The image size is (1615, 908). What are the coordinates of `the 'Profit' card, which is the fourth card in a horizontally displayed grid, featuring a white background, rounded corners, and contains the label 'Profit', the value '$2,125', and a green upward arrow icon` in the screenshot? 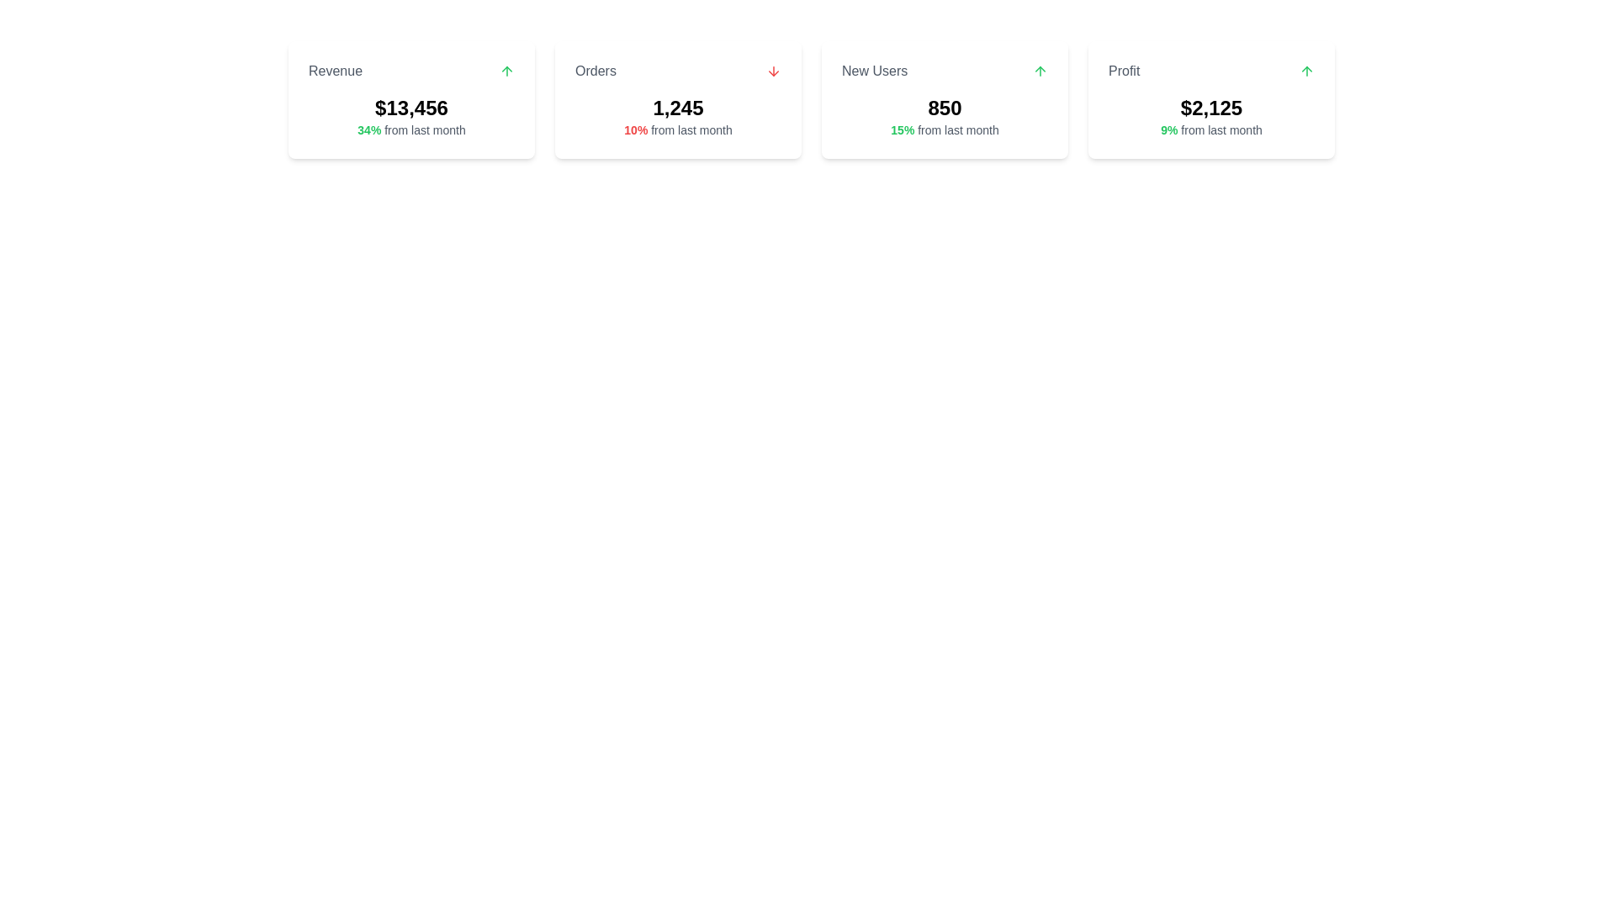 It's located at (1211, 100).